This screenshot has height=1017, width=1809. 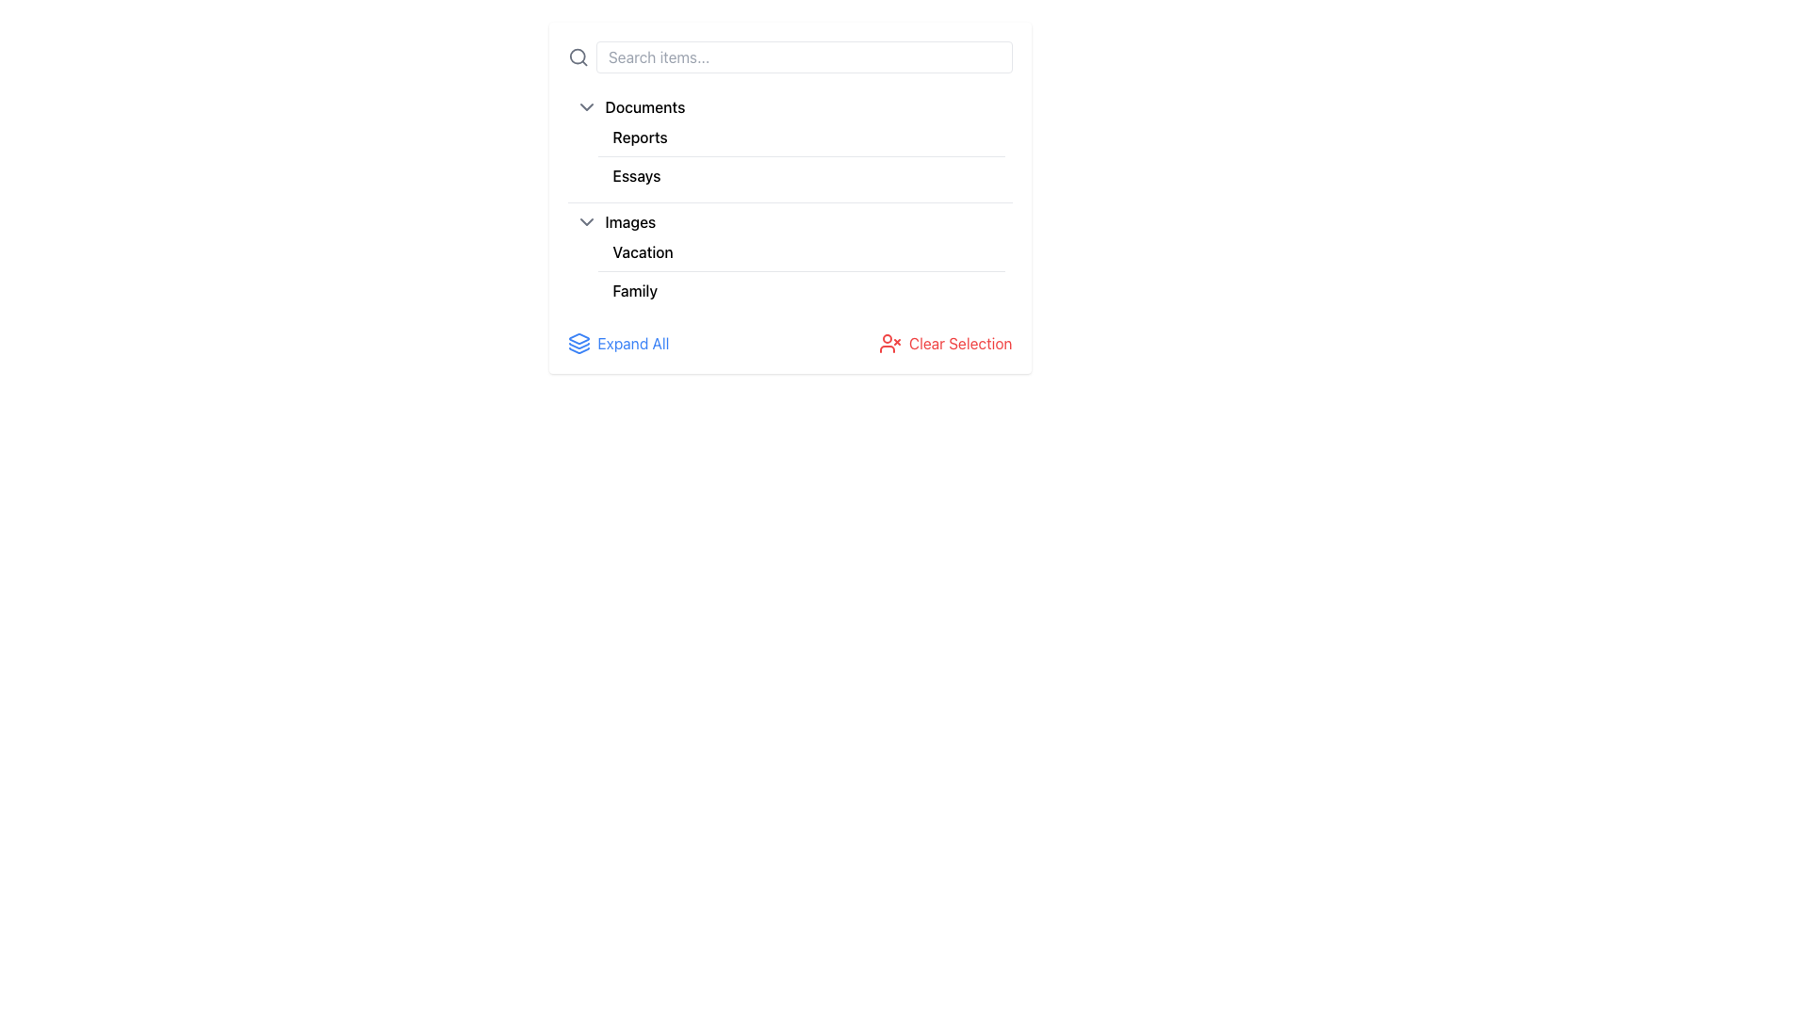 I want to click on the clickable icon next to the 'Images' text in the left sidebar menu, so click(x=585, y=220).